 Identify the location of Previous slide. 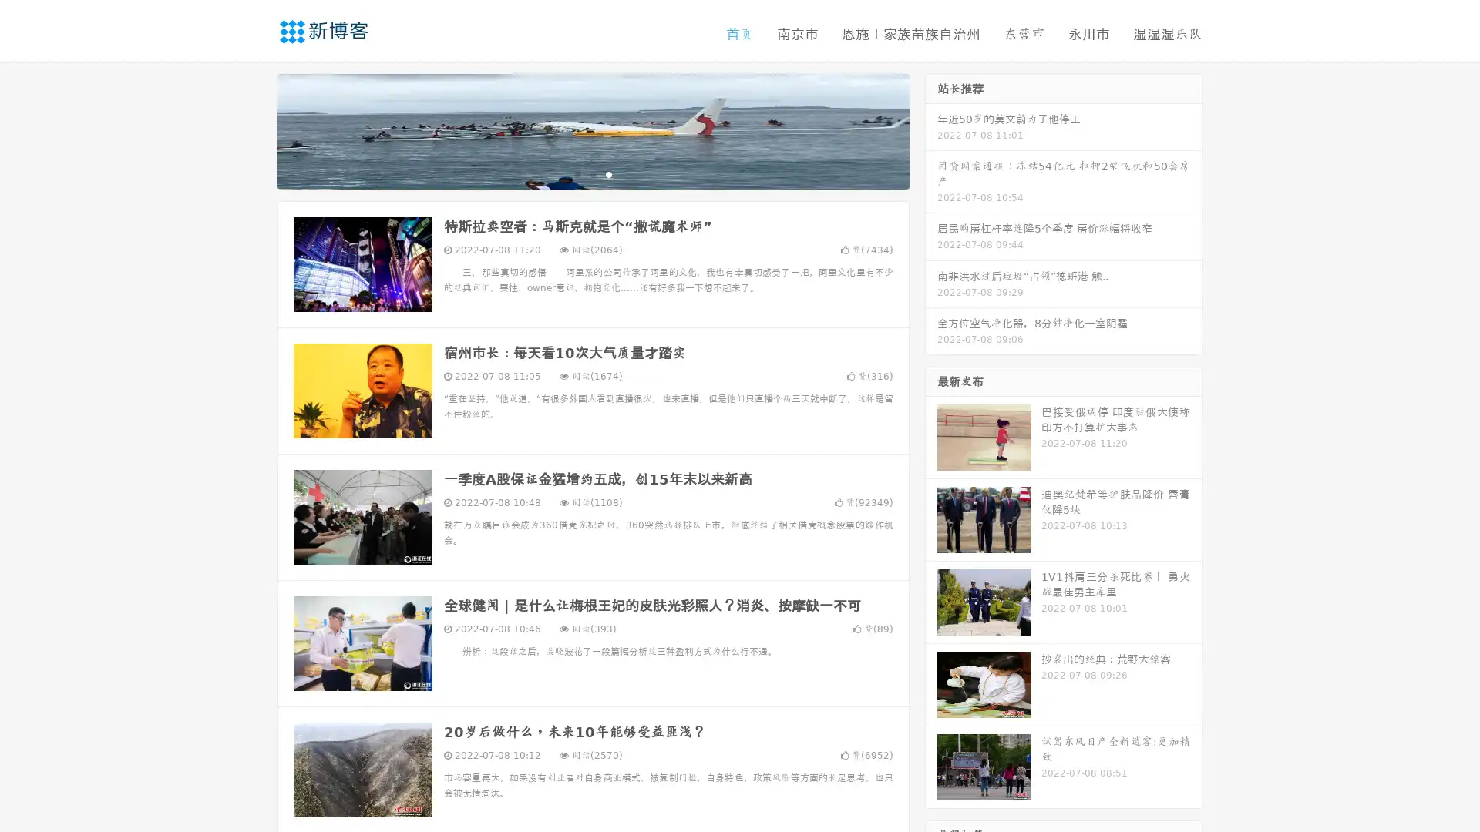
(254, 129).